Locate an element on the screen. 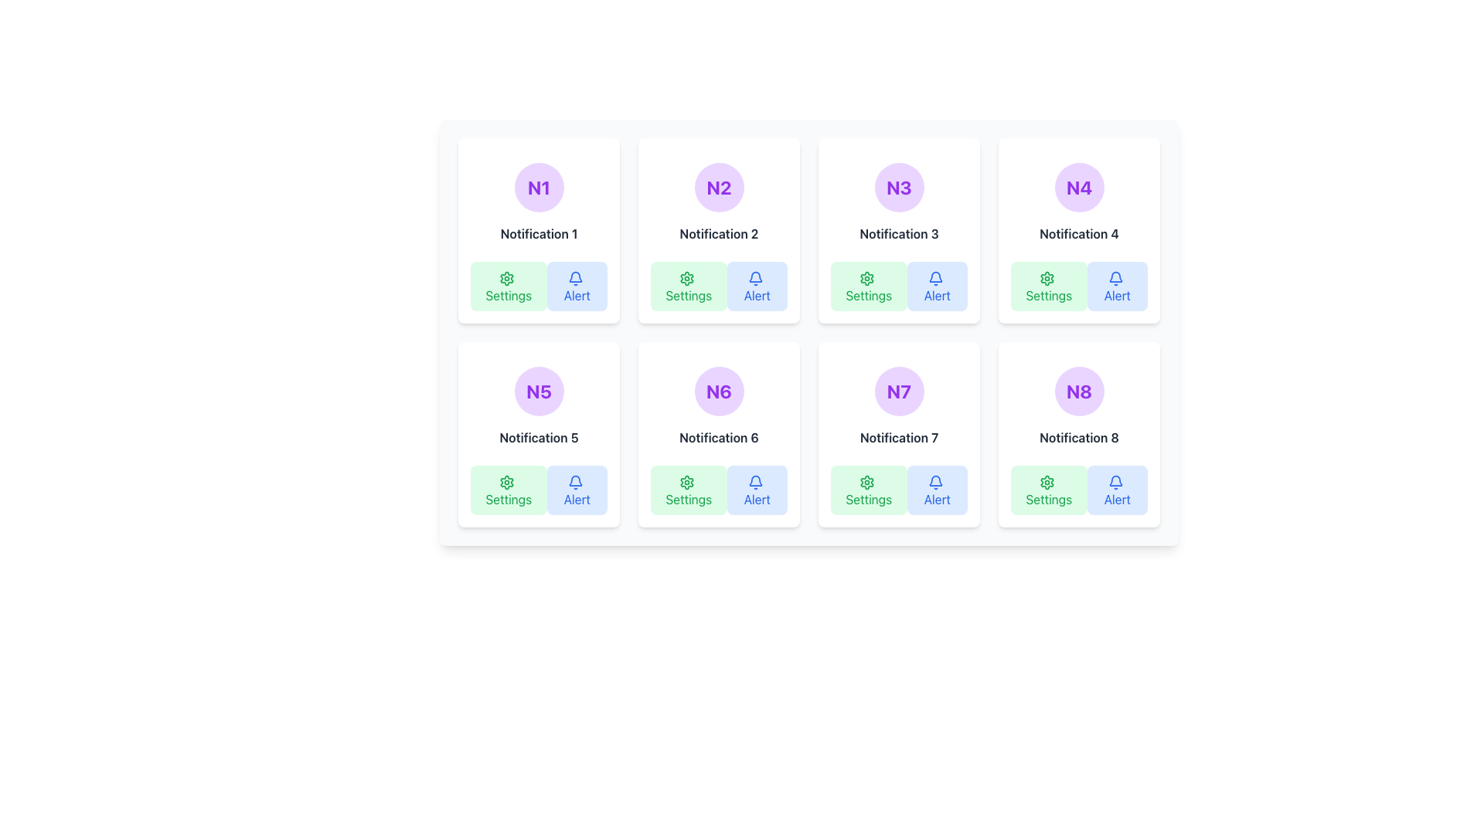 The image size is (1484, 834). the button in the notification card labeled 'Notification 8' is located at coordinates (1117, 490).